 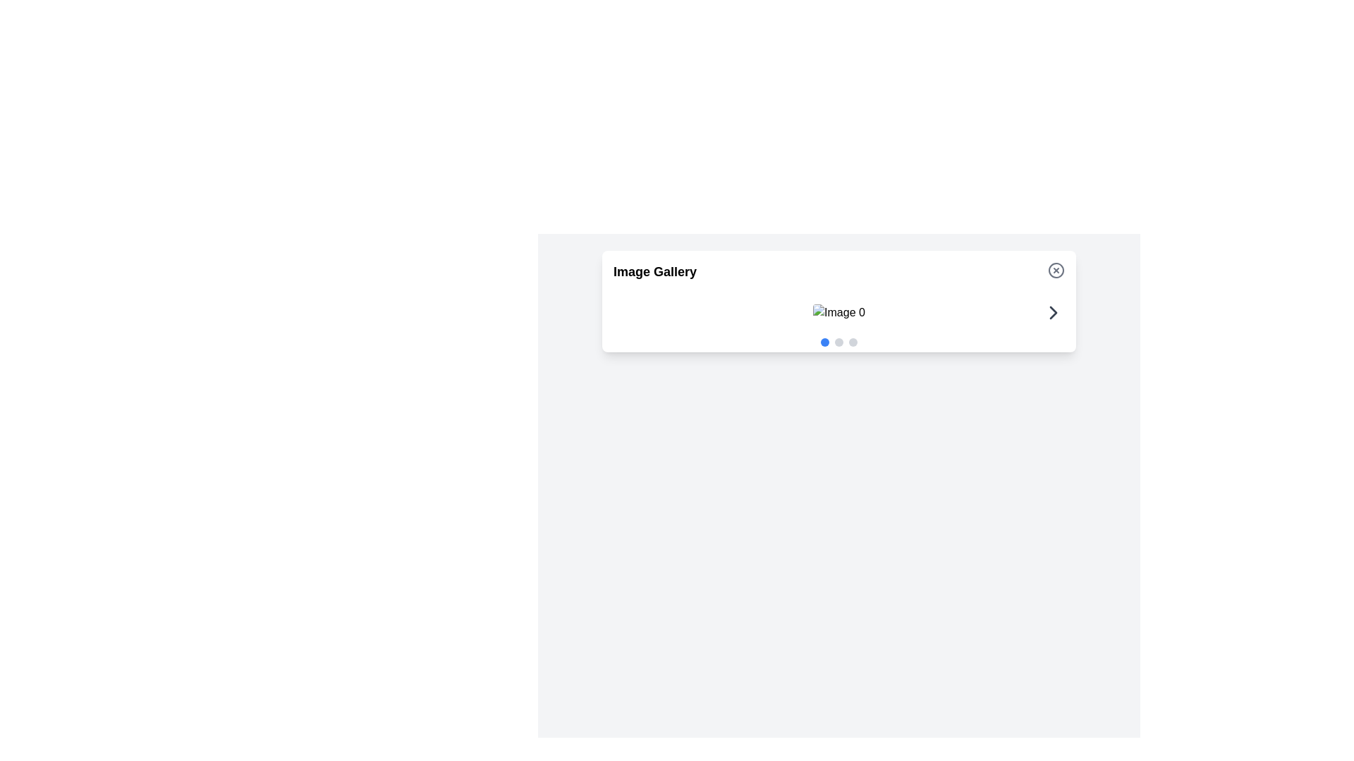 What do you see at coordinates (839, 342) in the screenshot?
I see `the carousel navigation indicator component, which consists of three small circular indicators with the middle circle highlighted in blue, located at the bottom of the 'Image Gallery' card` at bounding box center [839, 342].